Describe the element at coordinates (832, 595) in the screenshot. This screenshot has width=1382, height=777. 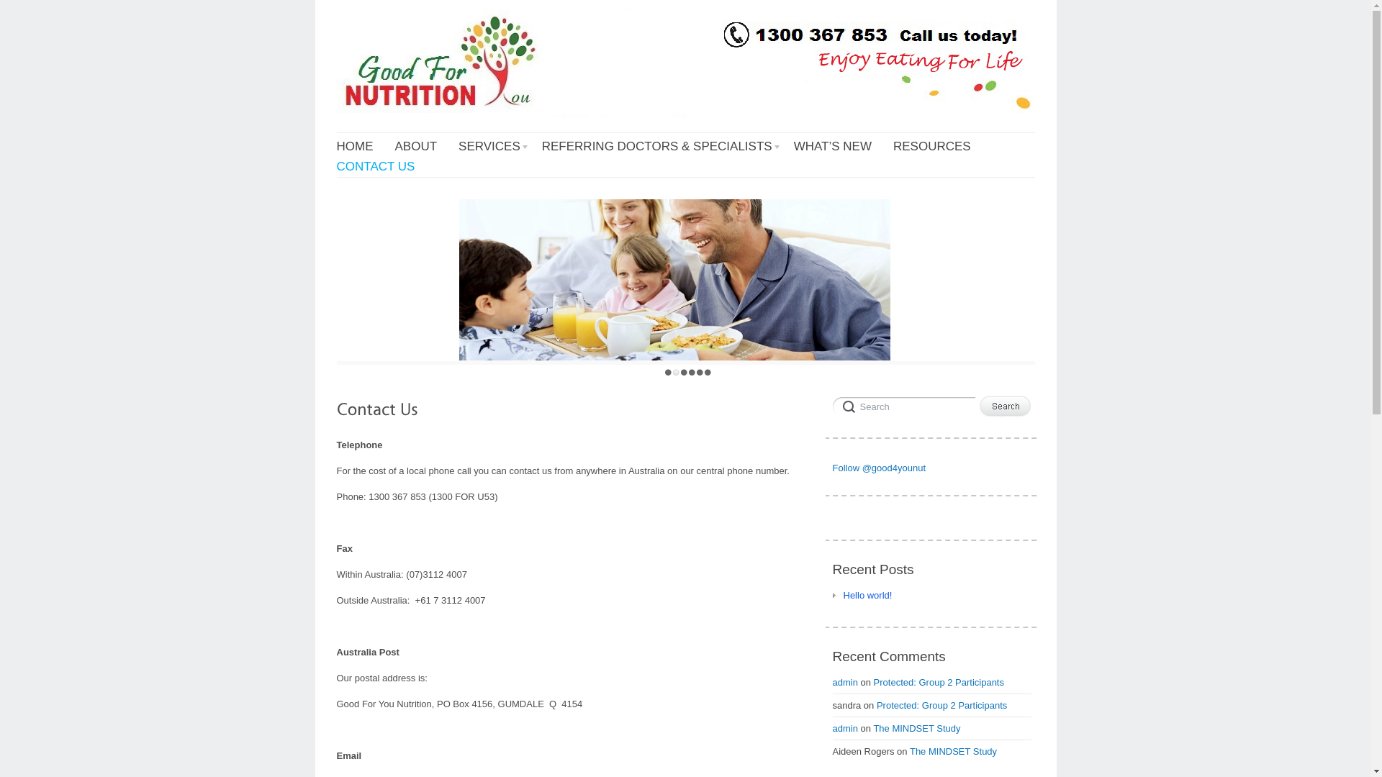
I see `'Hello world!'` at that location.